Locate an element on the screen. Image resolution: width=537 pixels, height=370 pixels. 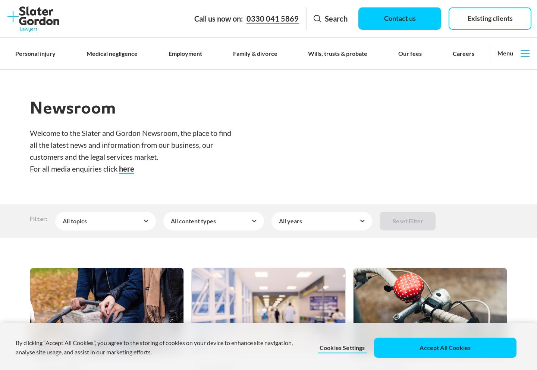
'here' is located at coordinates (126, 168).